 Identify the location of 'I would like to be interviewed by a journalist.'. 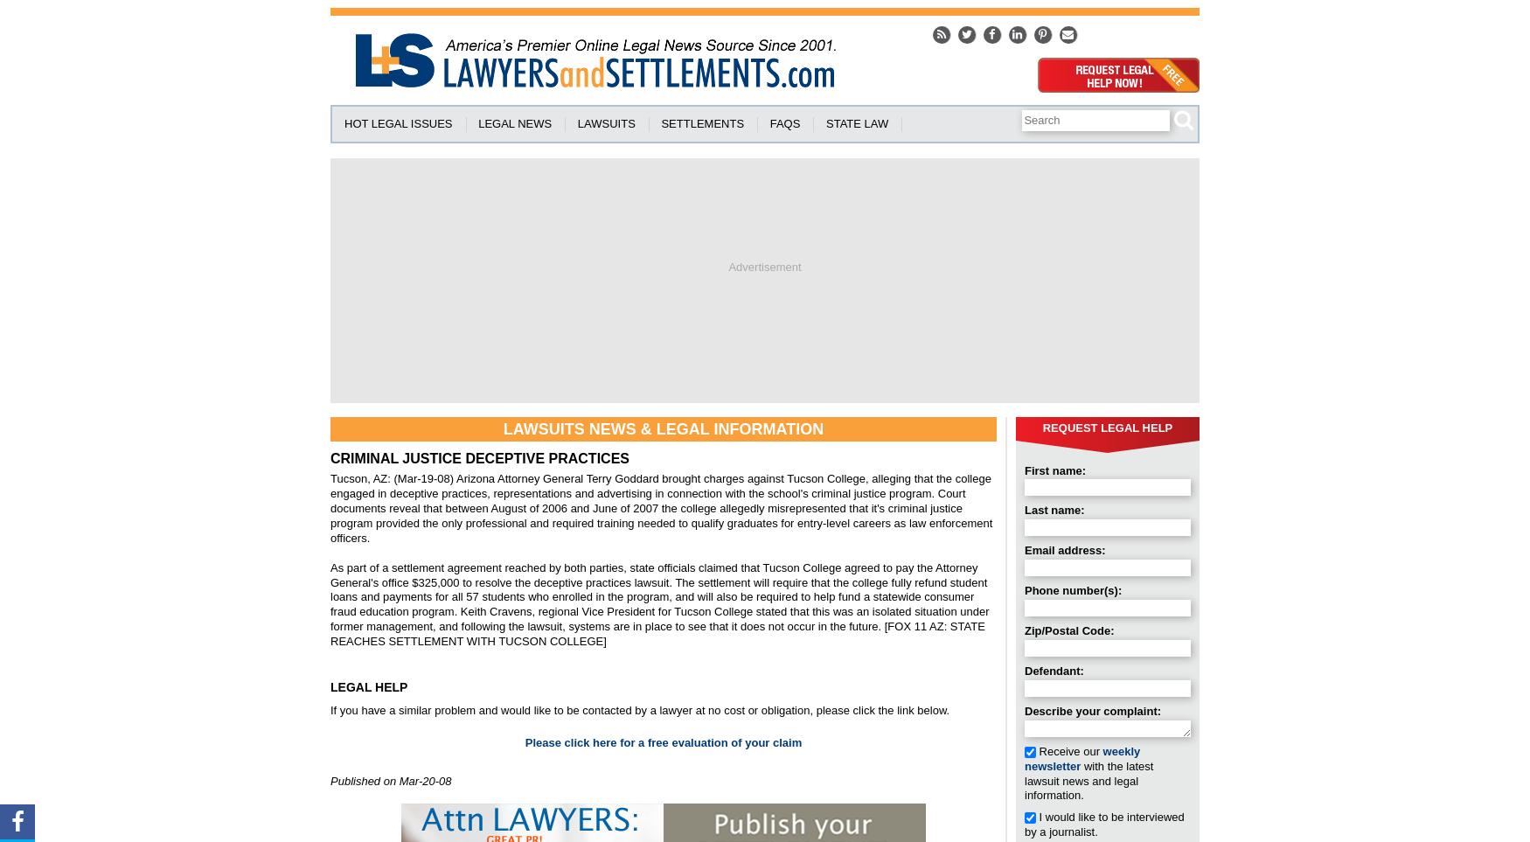
(1102, 824).